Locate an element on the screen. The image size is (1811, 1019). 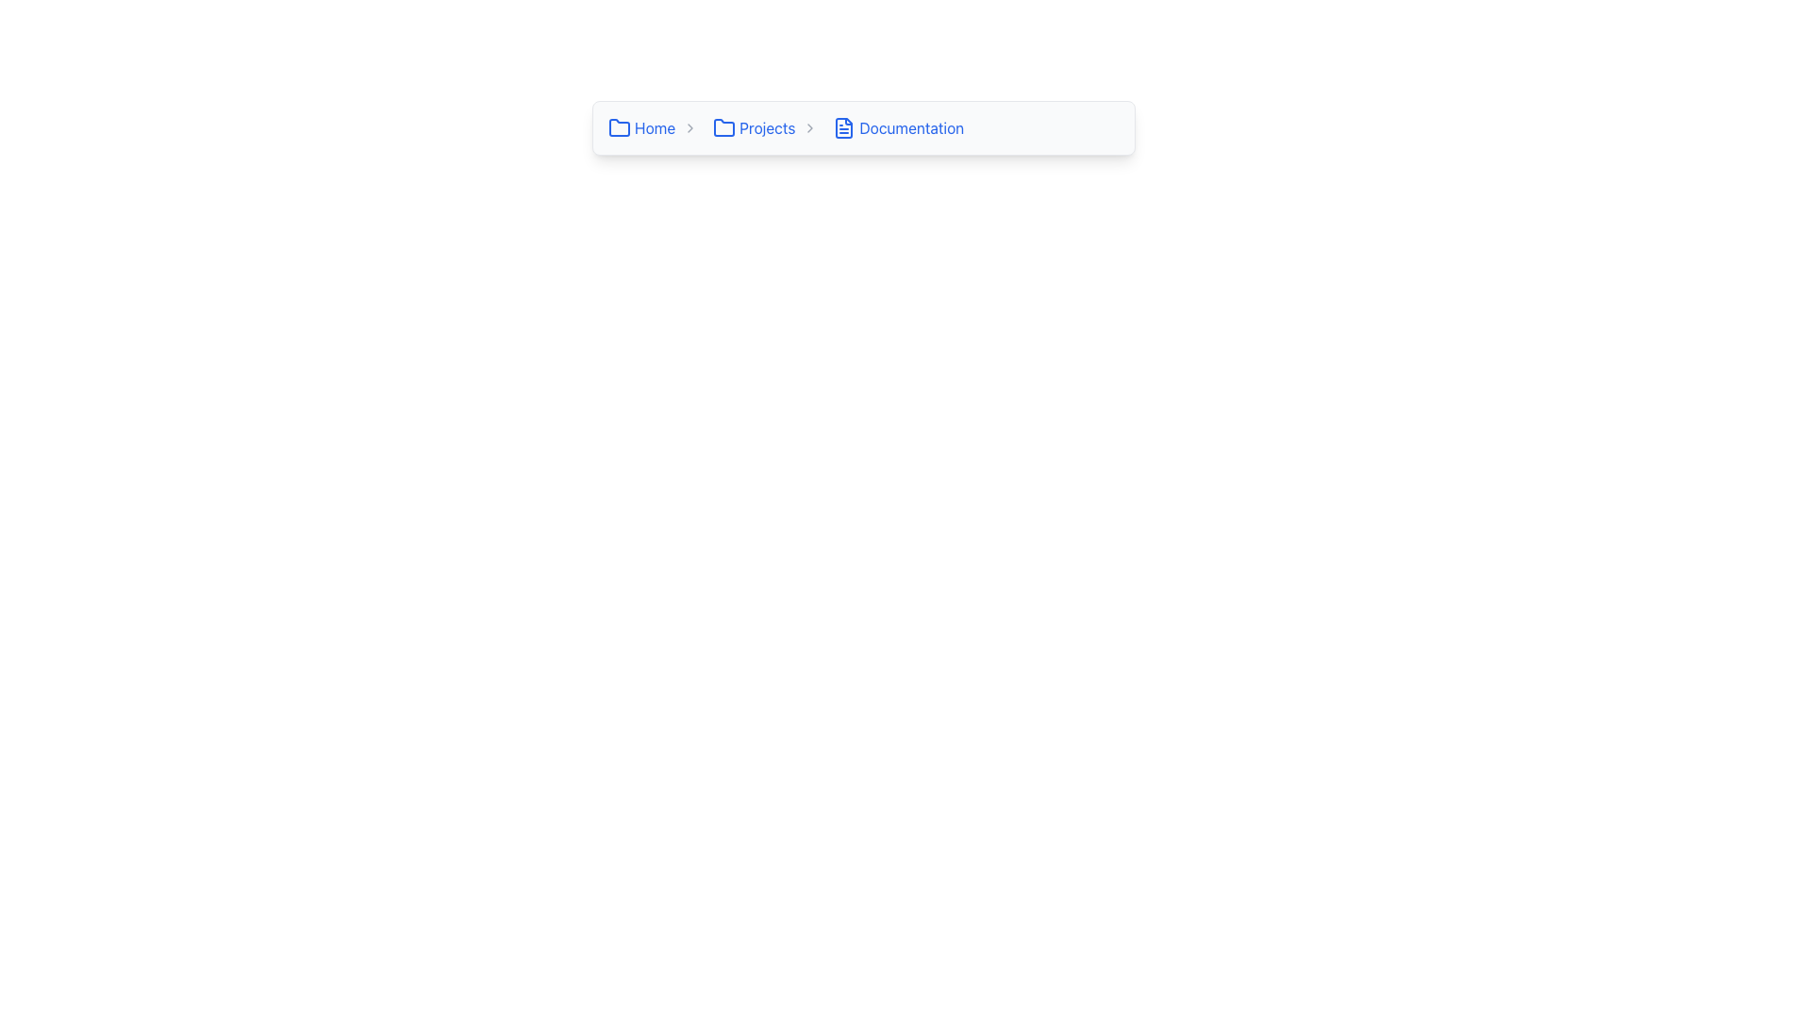
the 'Home' text label within the breadcrumb navigation link is located at coordinates (655, 127).